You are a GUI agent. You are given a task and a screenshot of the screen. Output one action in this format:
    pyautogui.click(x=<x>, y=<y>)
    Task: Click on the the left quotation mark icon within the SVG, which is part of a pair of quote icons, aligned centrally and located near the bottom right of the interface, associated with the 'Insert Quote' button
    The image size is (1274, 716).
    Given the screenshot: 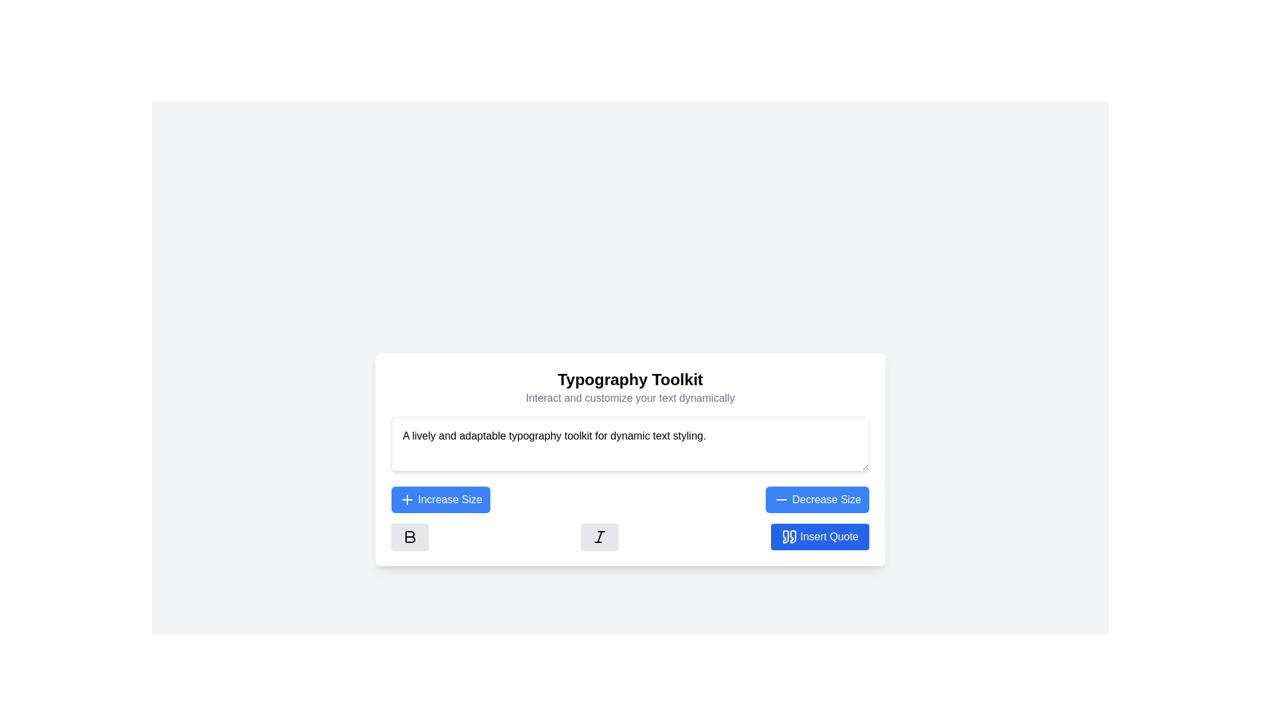 What is the action you would take?
    pyautogui.click(x=786, y=536)
    